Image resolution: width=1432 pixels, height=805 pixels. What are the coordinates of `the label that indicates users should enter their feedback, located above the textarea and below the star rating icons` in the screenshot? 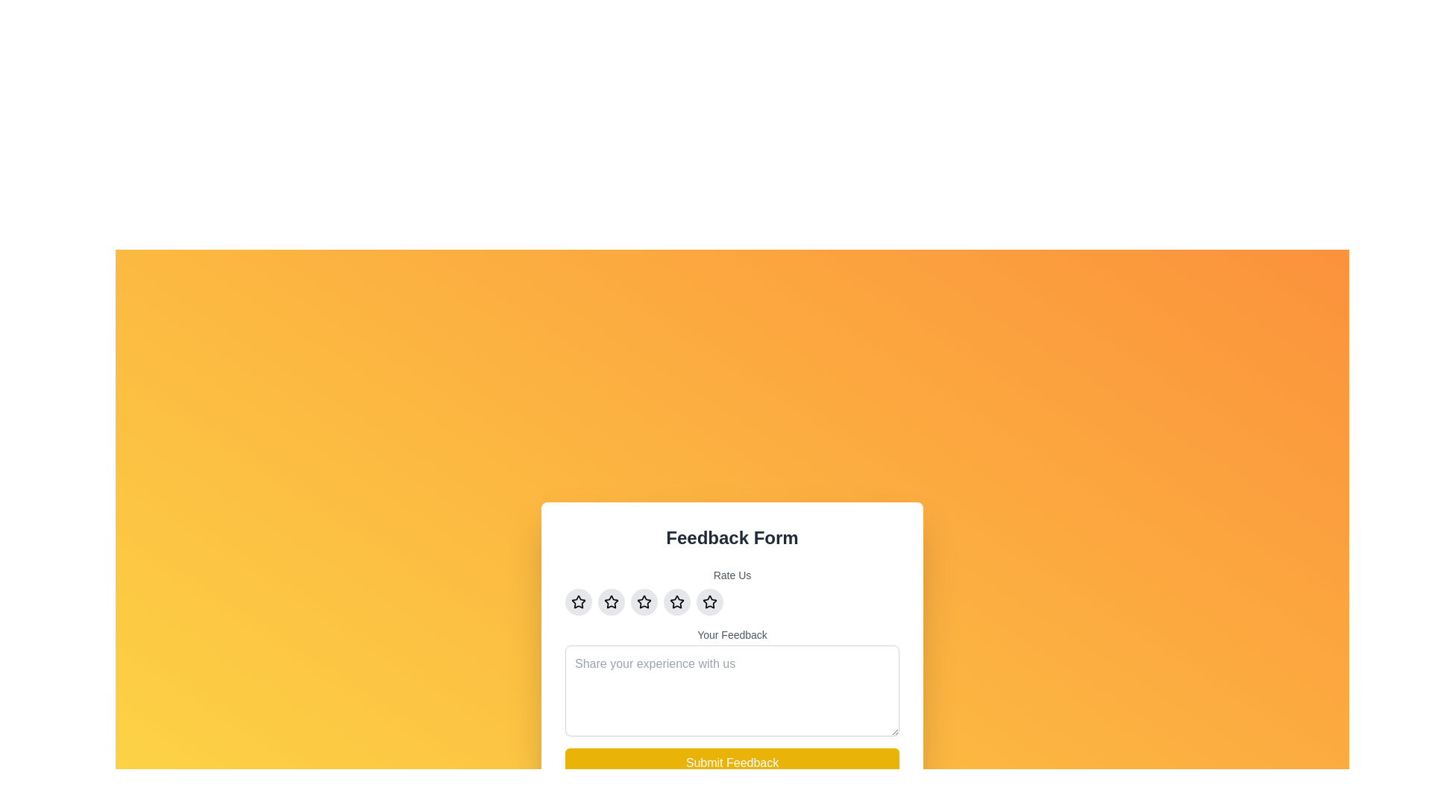 It's located at (732, 635).